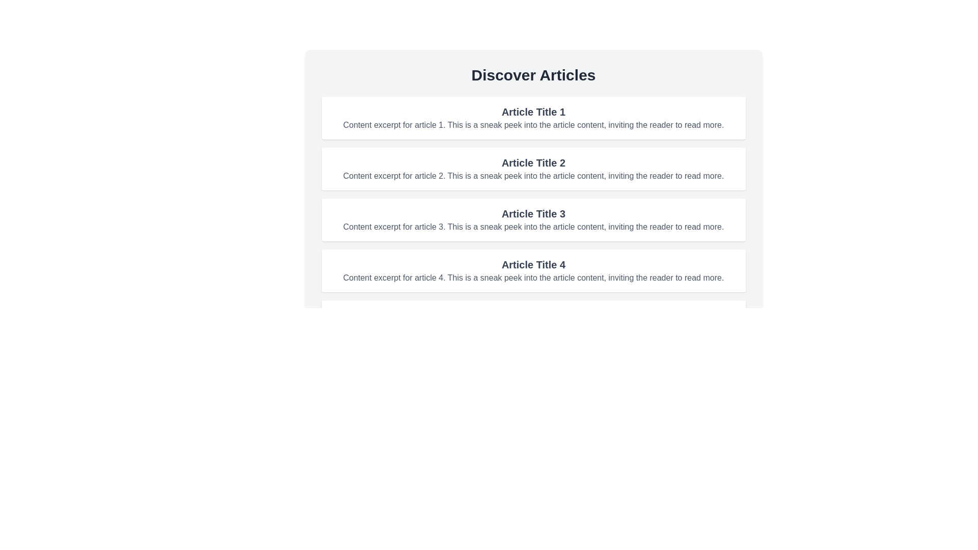 The height and width of the screenshot is (550, 978). Describe the element at coordinates (533, 112) in the screenshot. I see `the article preview title located at the top of the list of articles for additional context` at that location.